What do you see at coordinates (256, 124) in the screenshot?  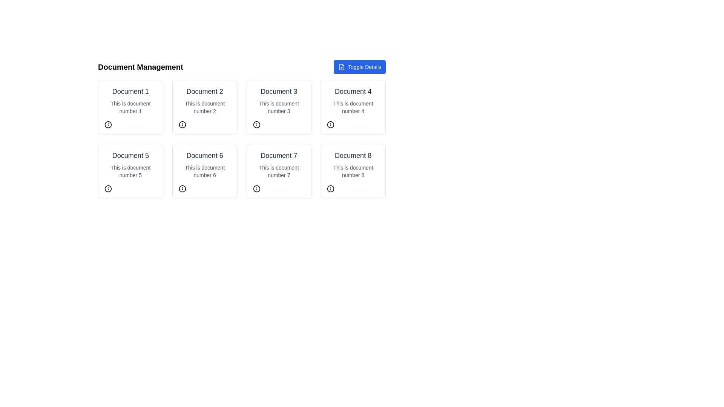 I see `the SVG Circle element with a black border located at the center of the 'Information' button on the 'Document 3' card` at bounding box center [256, 124].